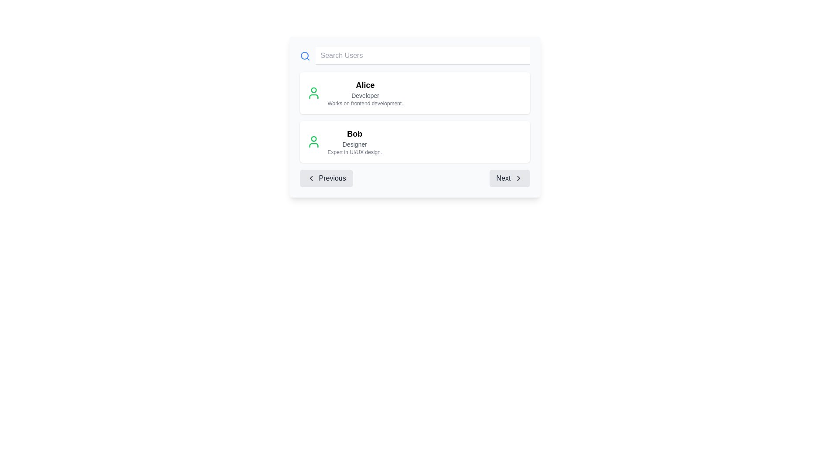 The height and width of the screenshot is (470, 837). I want to click on the 'Developer' label, which is displayed in a small-sized, gray-colored font, located below the bold 'Alice' label in the user profile card layout, so click(365, 95).